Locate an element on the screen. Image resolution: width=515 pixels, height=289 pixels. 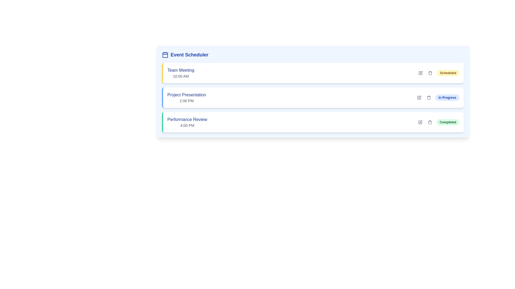
the Edit Button (Icon Button) which resembles a pen and is located on the right-hand side of the top row in the 'Scheduled' events list is located at coordinates (420, 73).